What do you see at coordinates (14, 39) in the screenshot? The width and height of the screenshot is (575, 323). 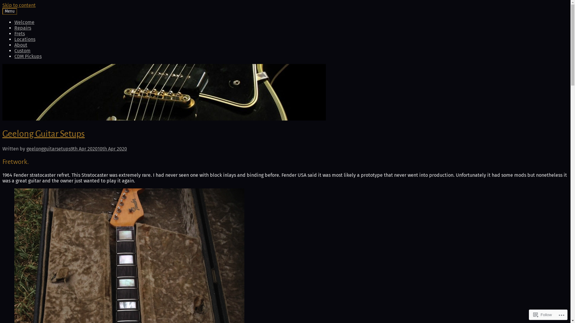 I see `'Locations'` at bounding box center [14, 39].